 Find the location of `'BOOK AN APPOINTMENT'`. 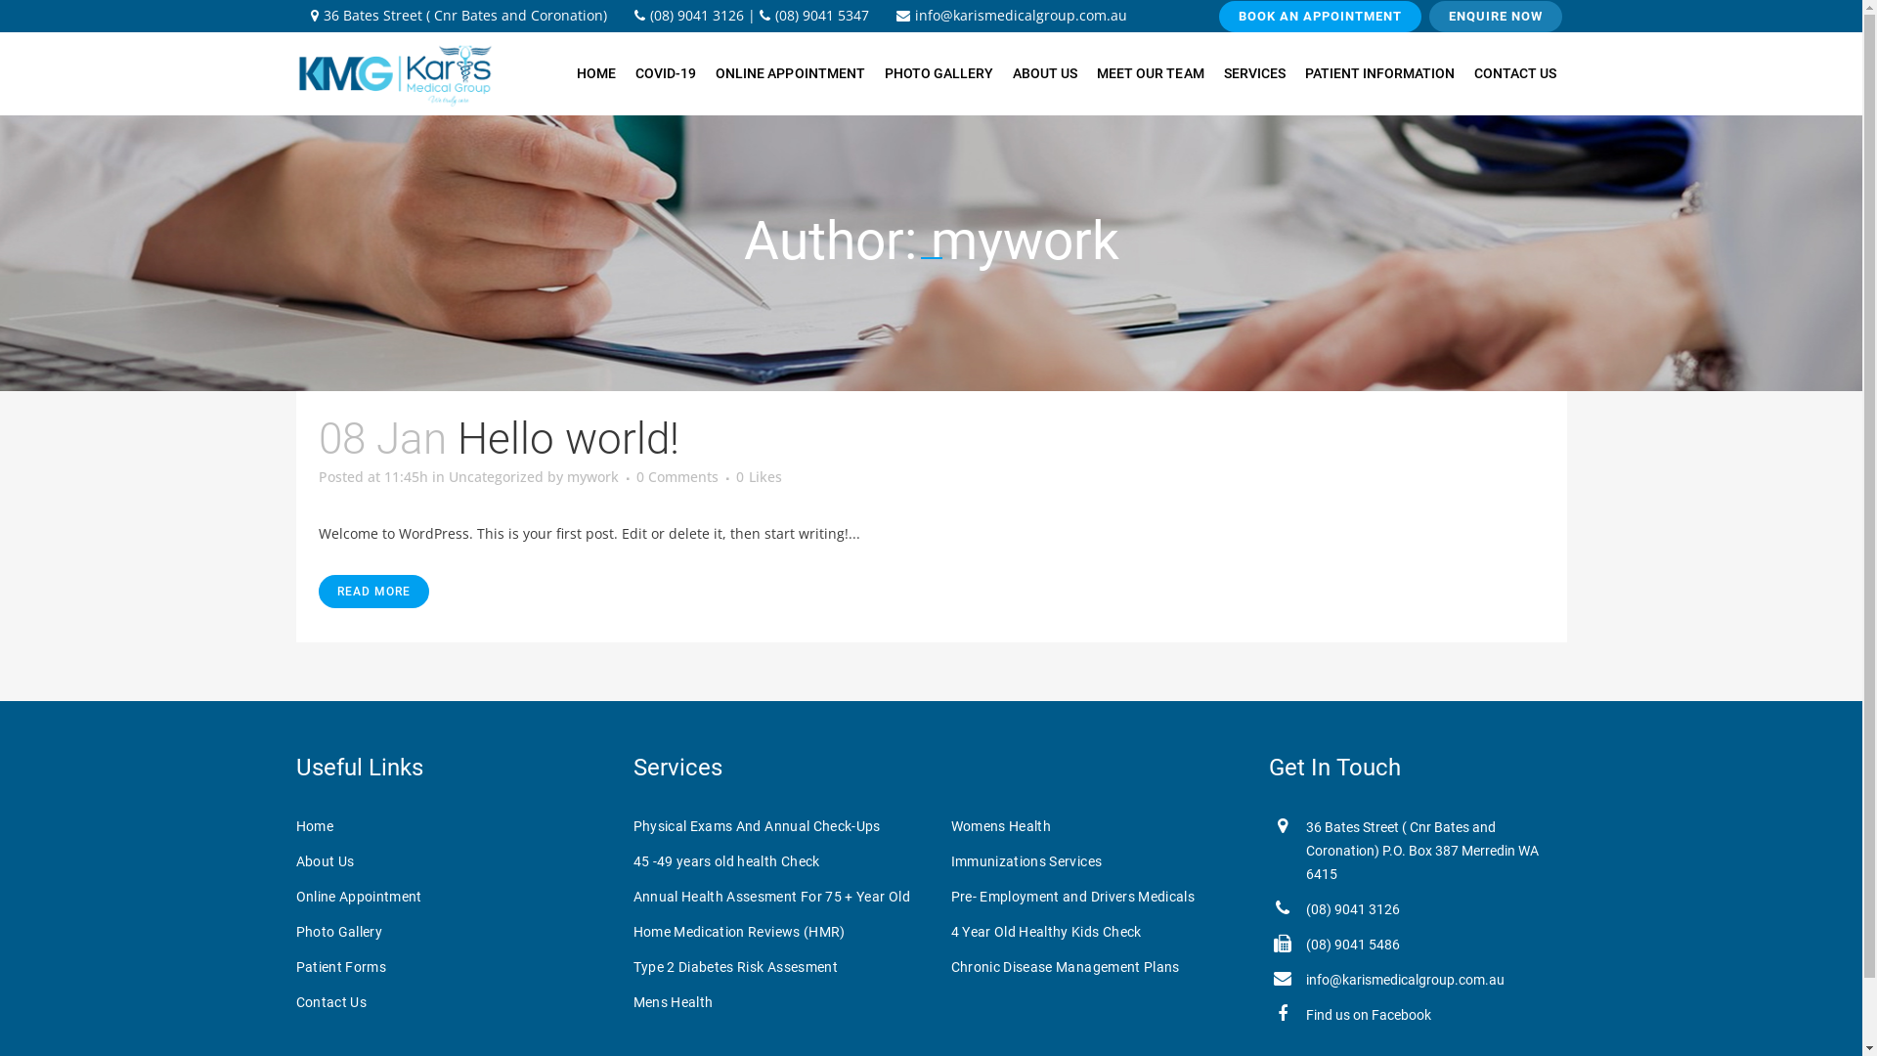

'BOOK AN APPOINTMENT' is located at coordinates (1319, 16).